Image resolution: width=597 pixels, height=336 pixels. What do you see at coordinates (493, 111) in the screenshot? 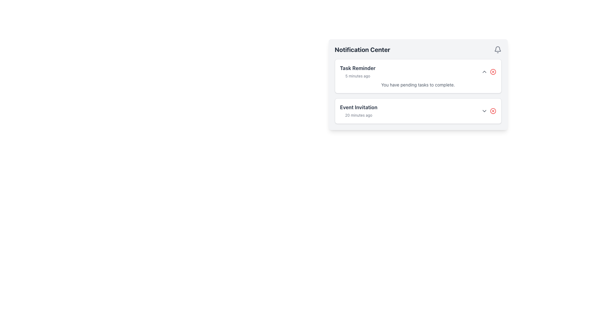
I see `the dismiss button located in the bottom-right corner of the 'Event Invitation' notification item` at bounding box center [493, 111].